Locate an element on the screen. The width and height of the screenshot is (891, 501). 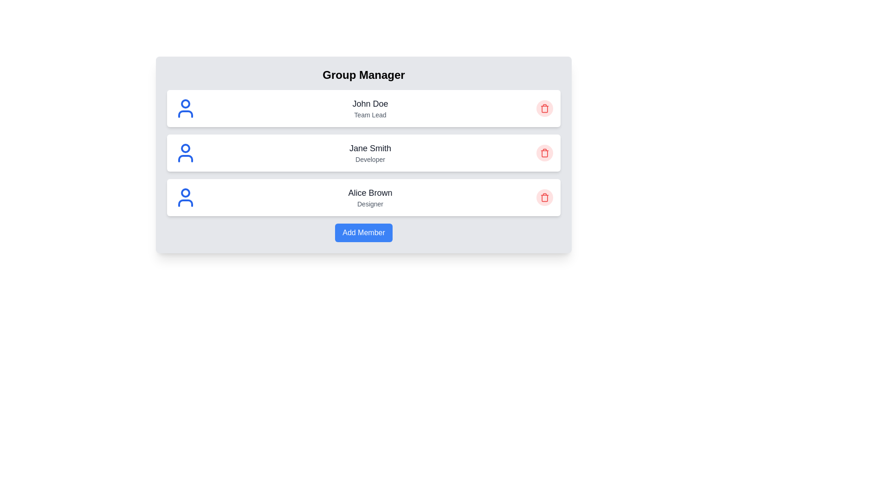
the text display that shows the name and role of a user in the first card of the group members list is located at coordinates (369, 108).